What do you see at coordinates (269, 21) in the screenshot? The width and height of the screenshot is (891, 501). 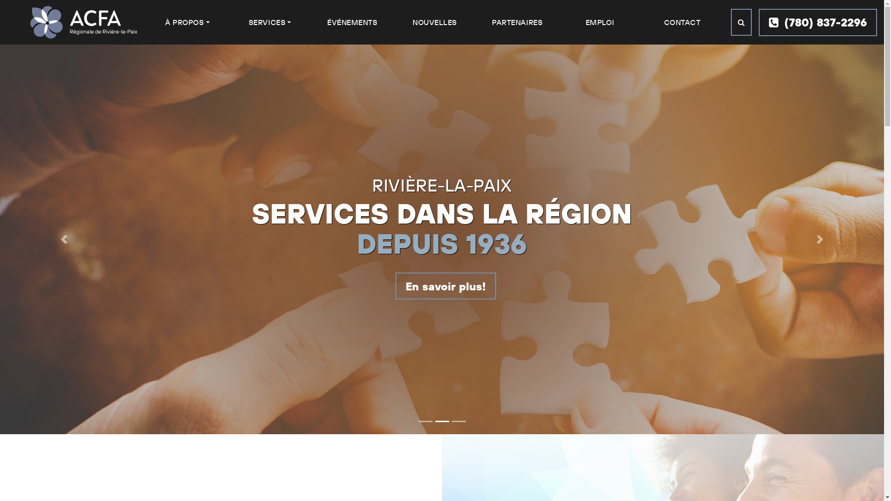 I see `'SERVICES'` at bounding box center [269, 21].